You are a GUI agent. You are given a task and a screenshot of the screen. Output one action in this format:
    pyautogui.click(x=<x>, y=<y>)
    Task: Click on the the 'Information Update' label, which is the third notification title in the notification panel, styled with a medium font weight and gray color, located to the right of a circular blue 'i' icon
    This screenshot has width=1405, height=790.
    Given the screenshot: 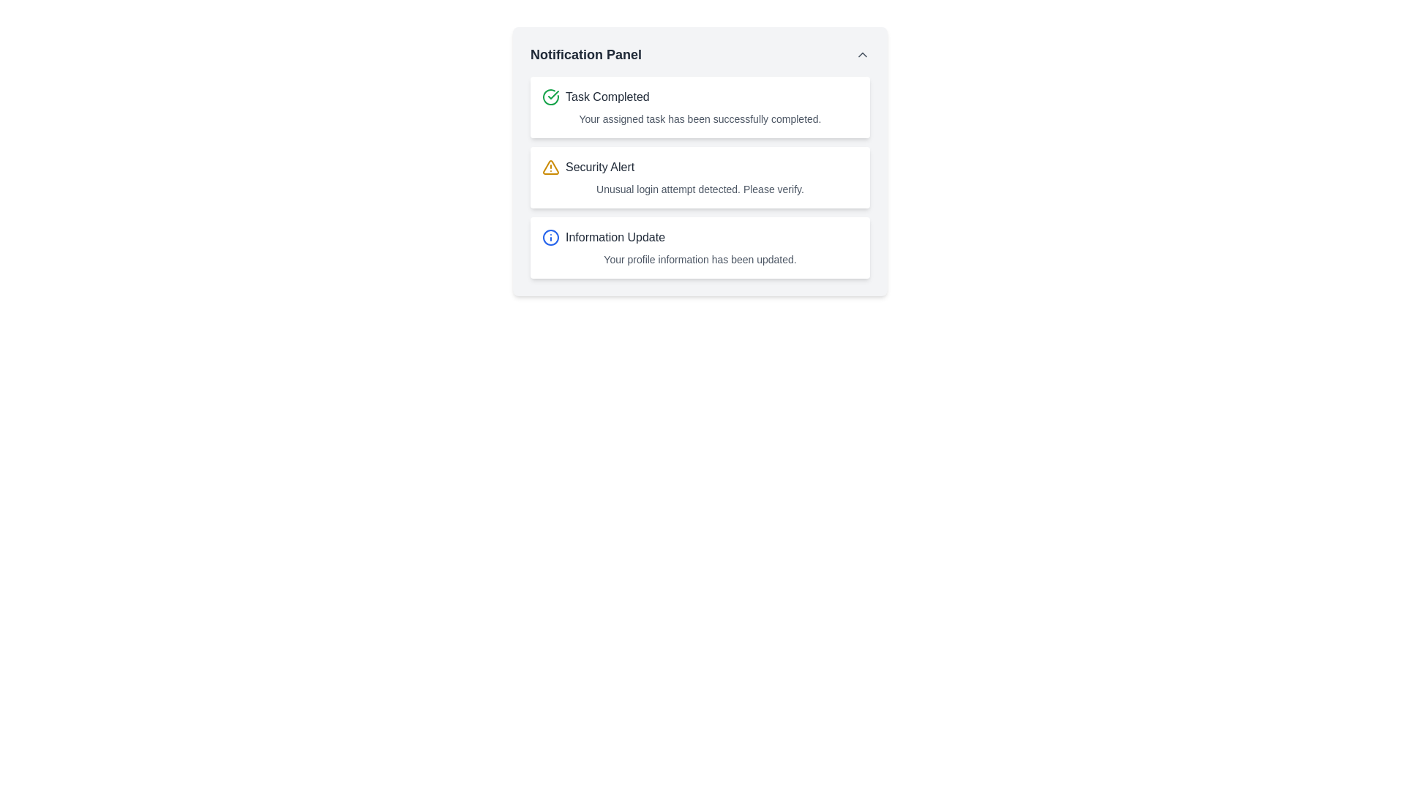 What is the action you would take?
    pyautogui.click(x=615, y=236)
    